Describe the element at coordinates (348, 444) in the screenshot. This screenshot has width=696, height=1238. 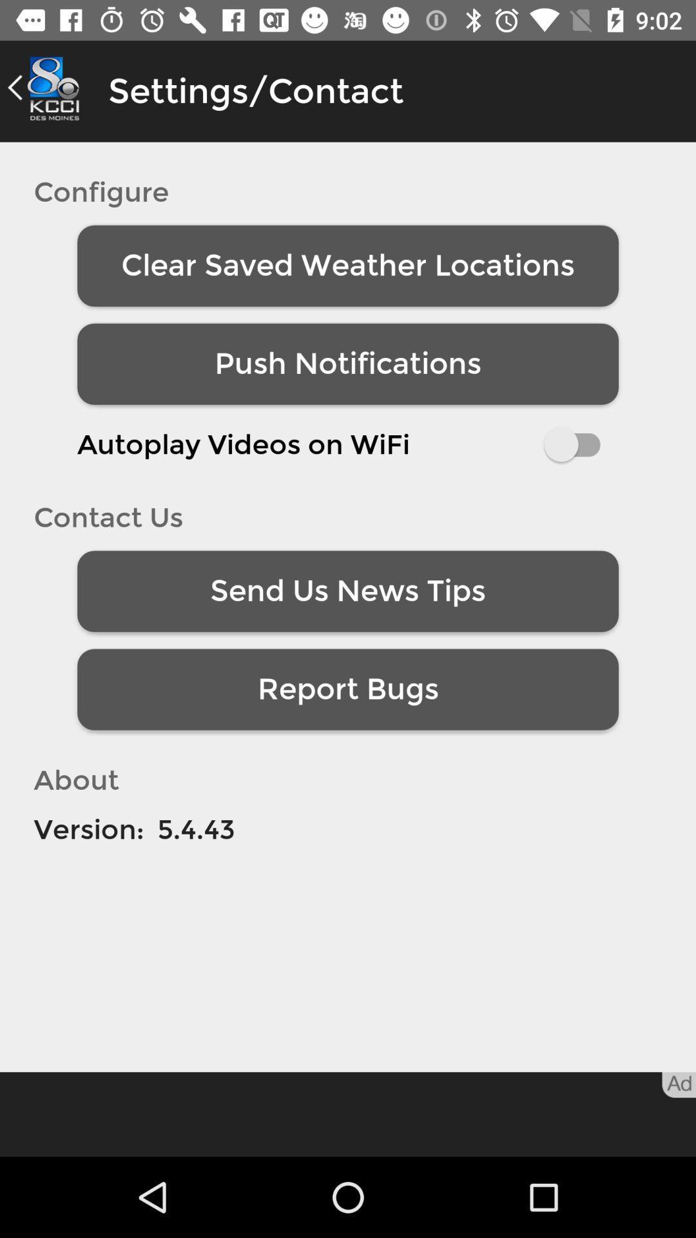
I see `the item below the push notifications` at that location.